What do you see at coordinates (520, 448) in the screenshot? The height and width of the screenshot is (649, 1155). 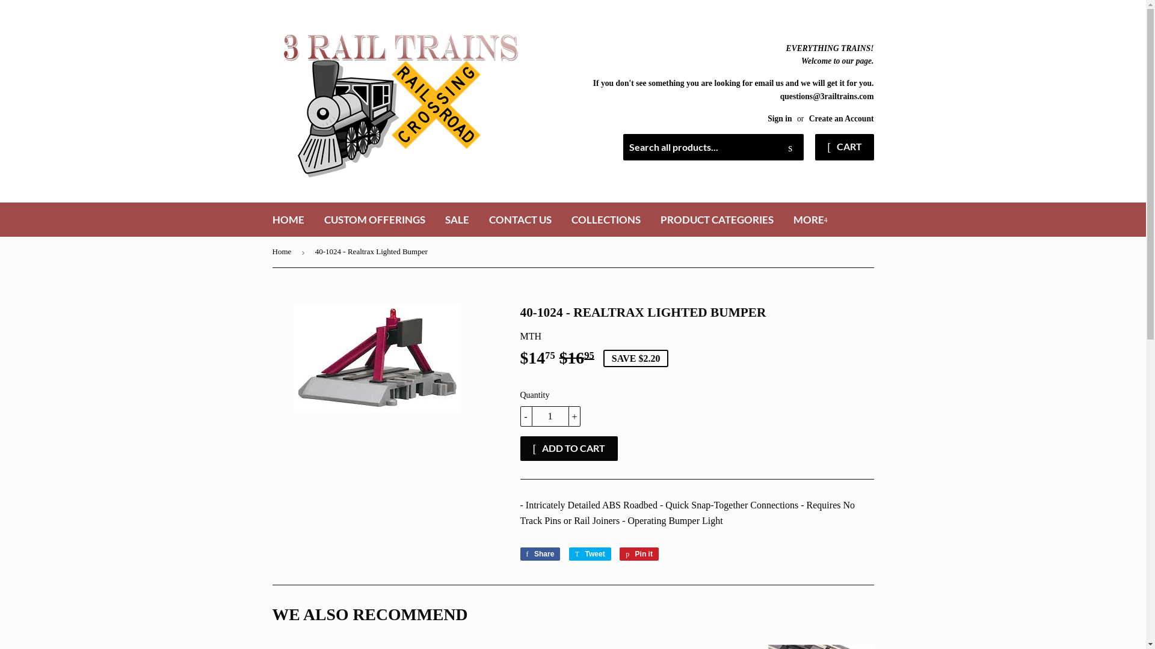 I see `'ADD TO CART'` at bounding box center [520, 448].